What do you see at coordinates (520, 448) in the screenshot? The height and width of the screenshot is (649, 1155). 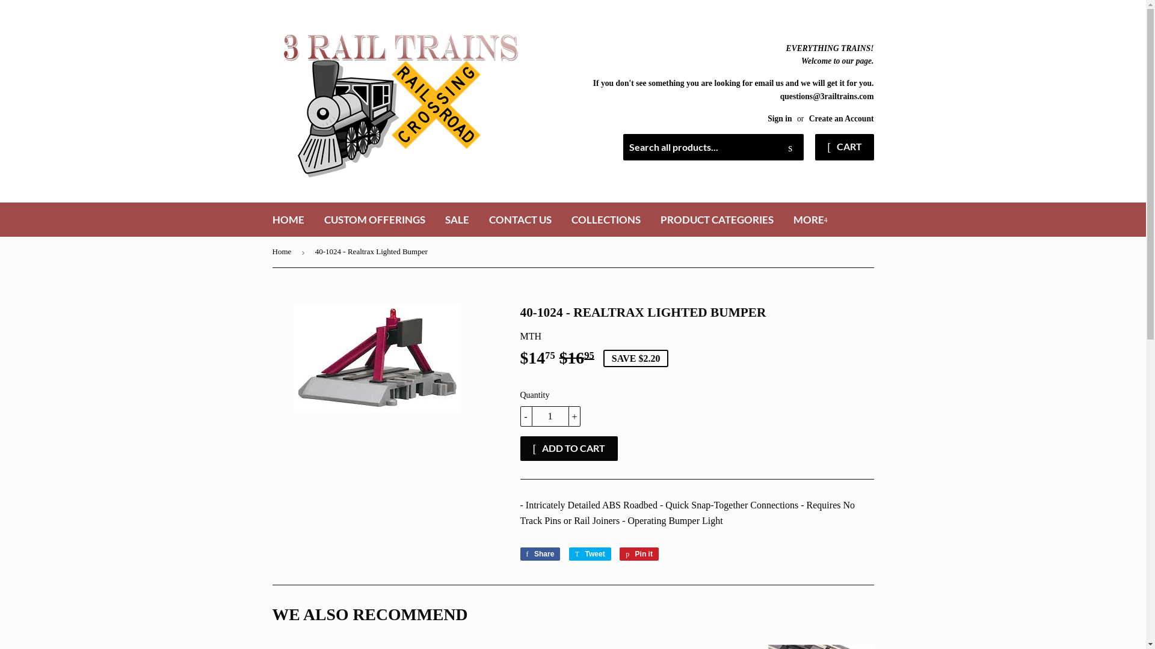 I see `'ADD TO CART'` at bounding box center [520, 448].